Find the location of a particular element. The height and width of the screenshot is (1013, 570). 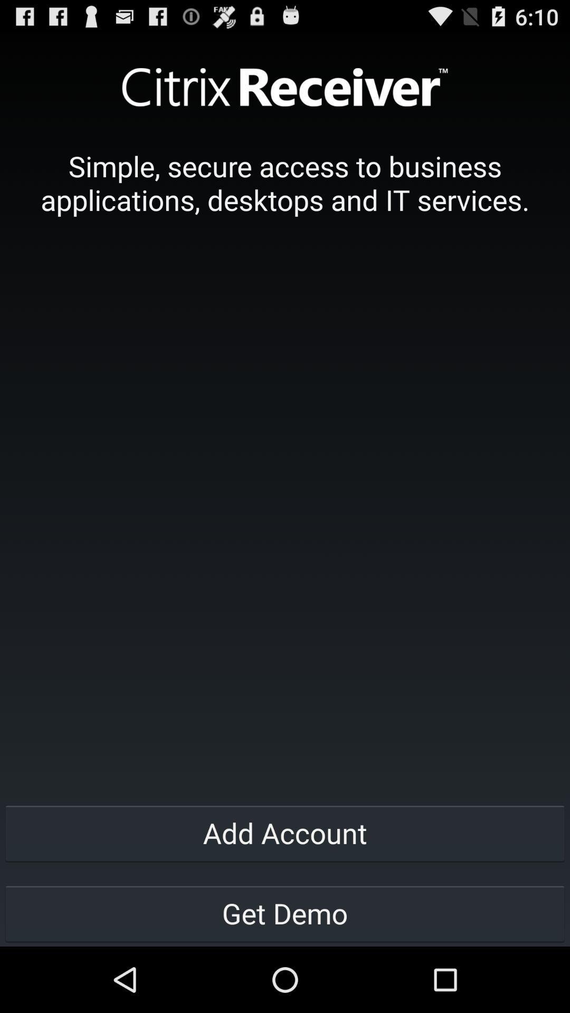

the add account icon is located at coordinates (285, 832).